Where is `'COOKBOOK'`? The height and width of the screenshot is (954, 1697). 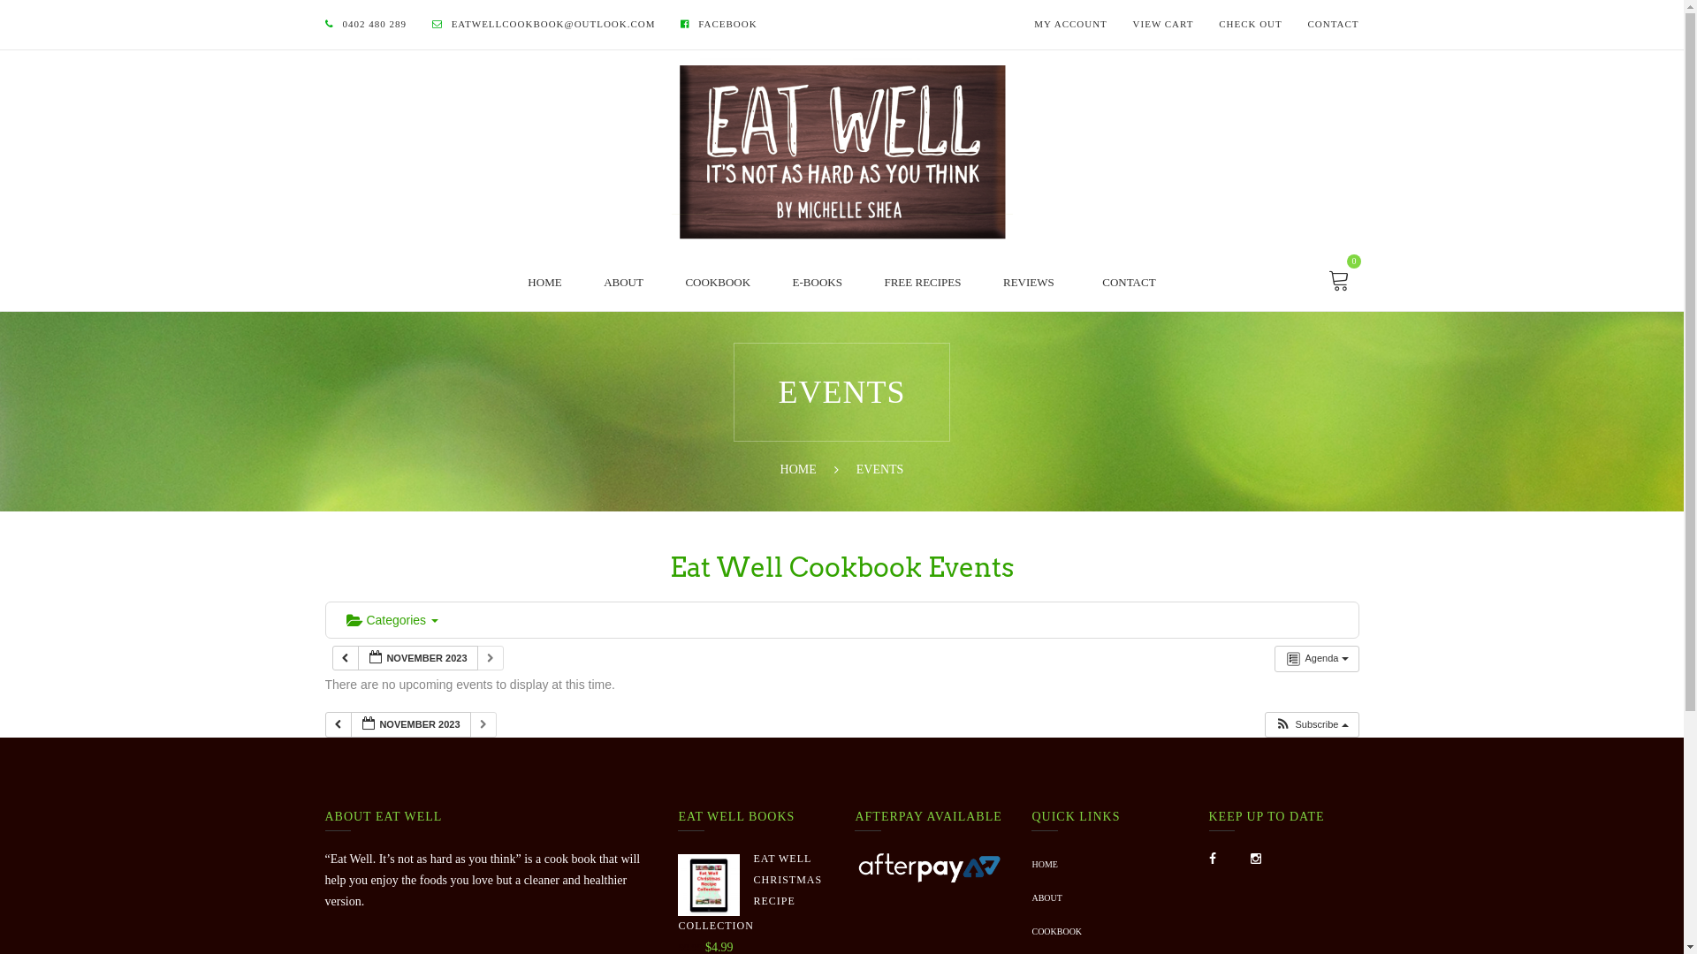 'COOKBOOK' is located at coordinates (1056, 931).